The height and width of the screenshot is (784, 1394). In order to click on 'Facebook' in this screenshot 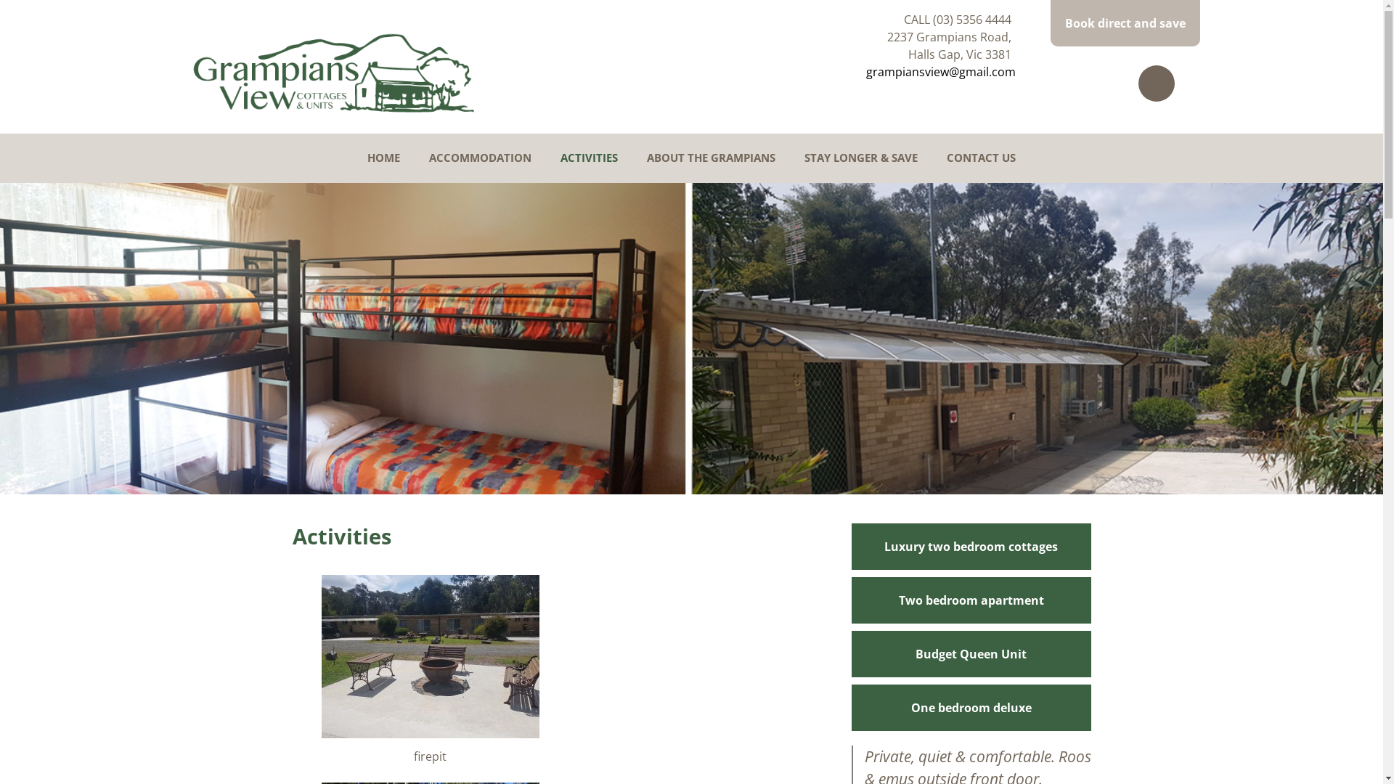, I will do `click(1138, 83)`.